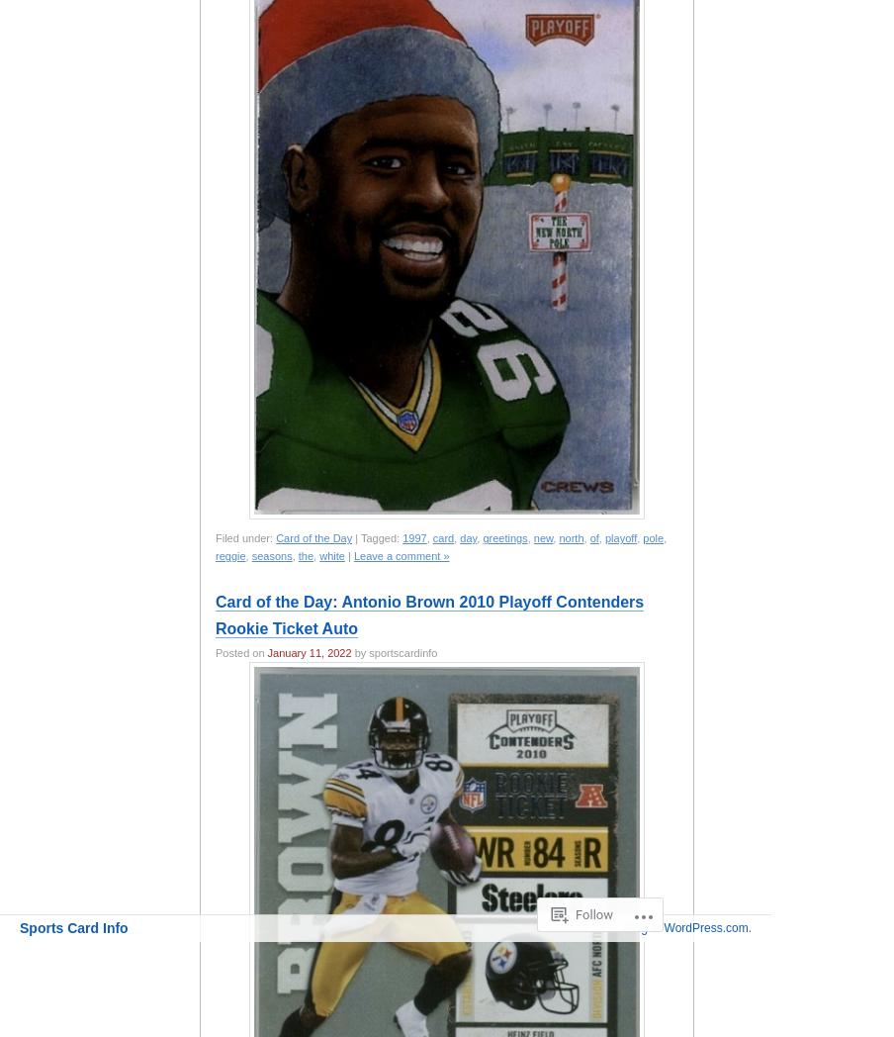  I want to click on 'by sportscardinfo', so click(394, 653).